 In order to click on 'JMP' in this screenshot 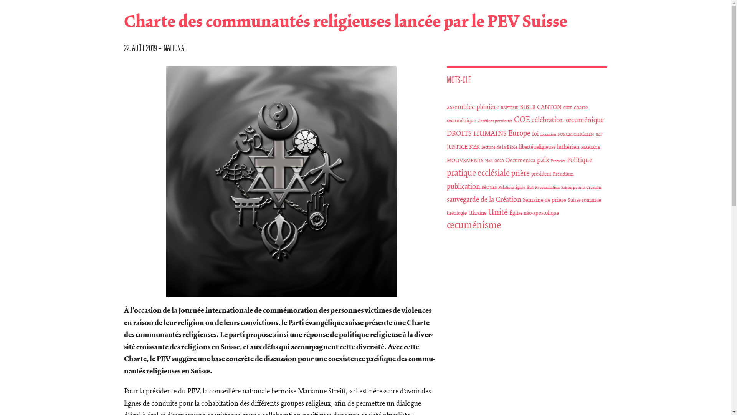, I will do `click(598, 134)`.